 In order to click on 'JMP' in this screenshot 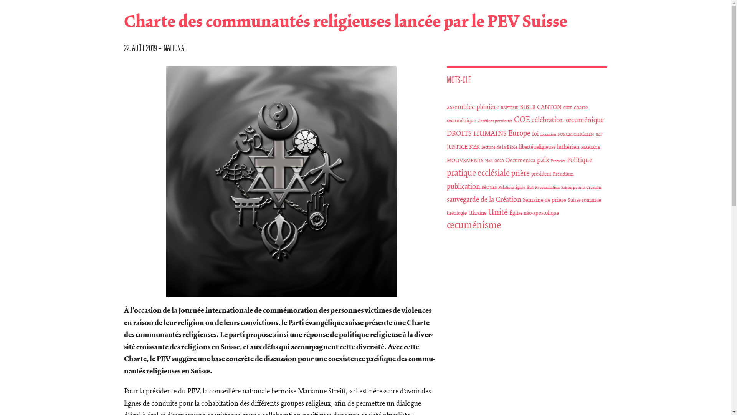, I will do `click(598, 134)`.